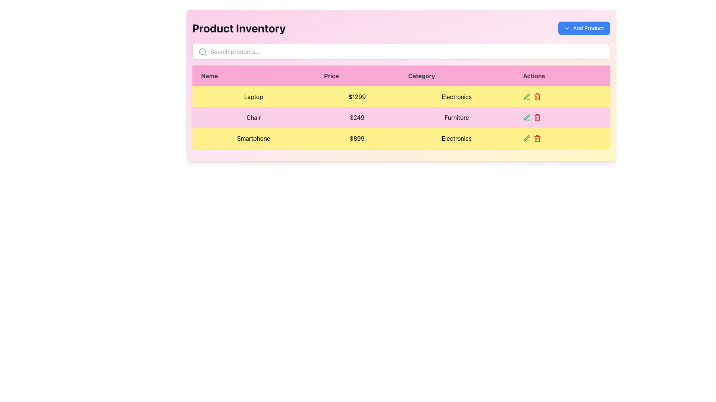 The height and width of the screenshot is (402, 716). I want to click on the static text displaying '$899' in bold font on a yellow background, which represents the price field for the 'Smartphone' in the product listing interface, so click(357, 138).